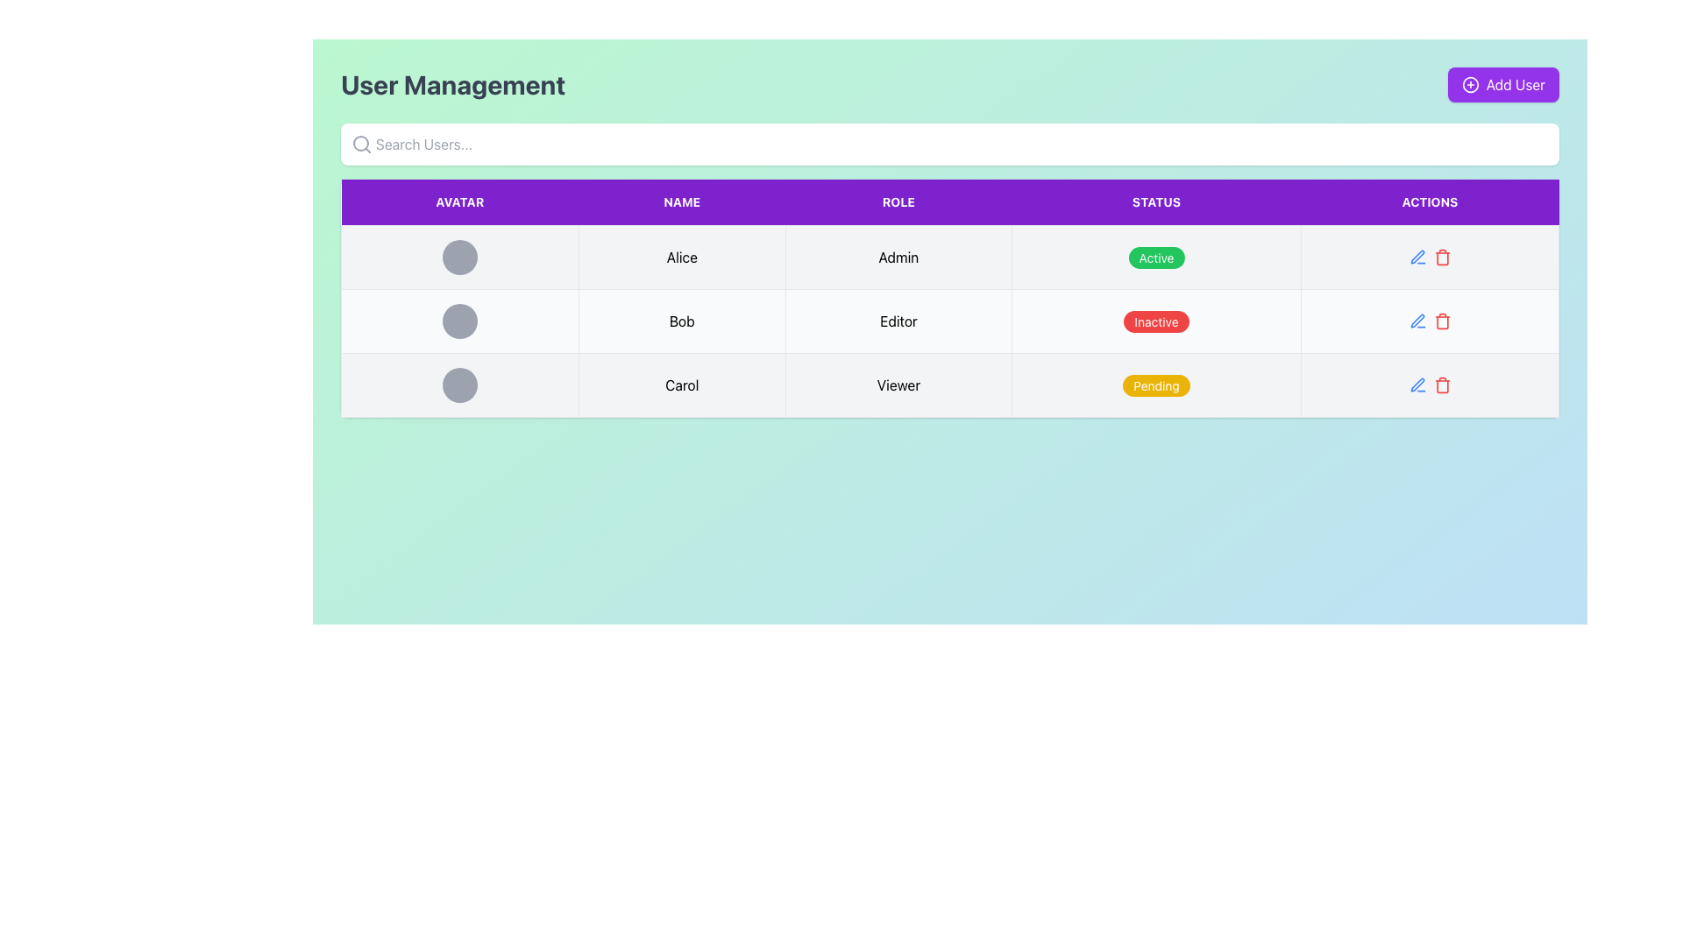 This screenshot has height=946, width=1683. What do you see at coordinates (1417, 384) in the screenshot?
I see `the edit button in the 'Actions' column for the first row representing 'Alice'` at bounding box center [1417, 384].